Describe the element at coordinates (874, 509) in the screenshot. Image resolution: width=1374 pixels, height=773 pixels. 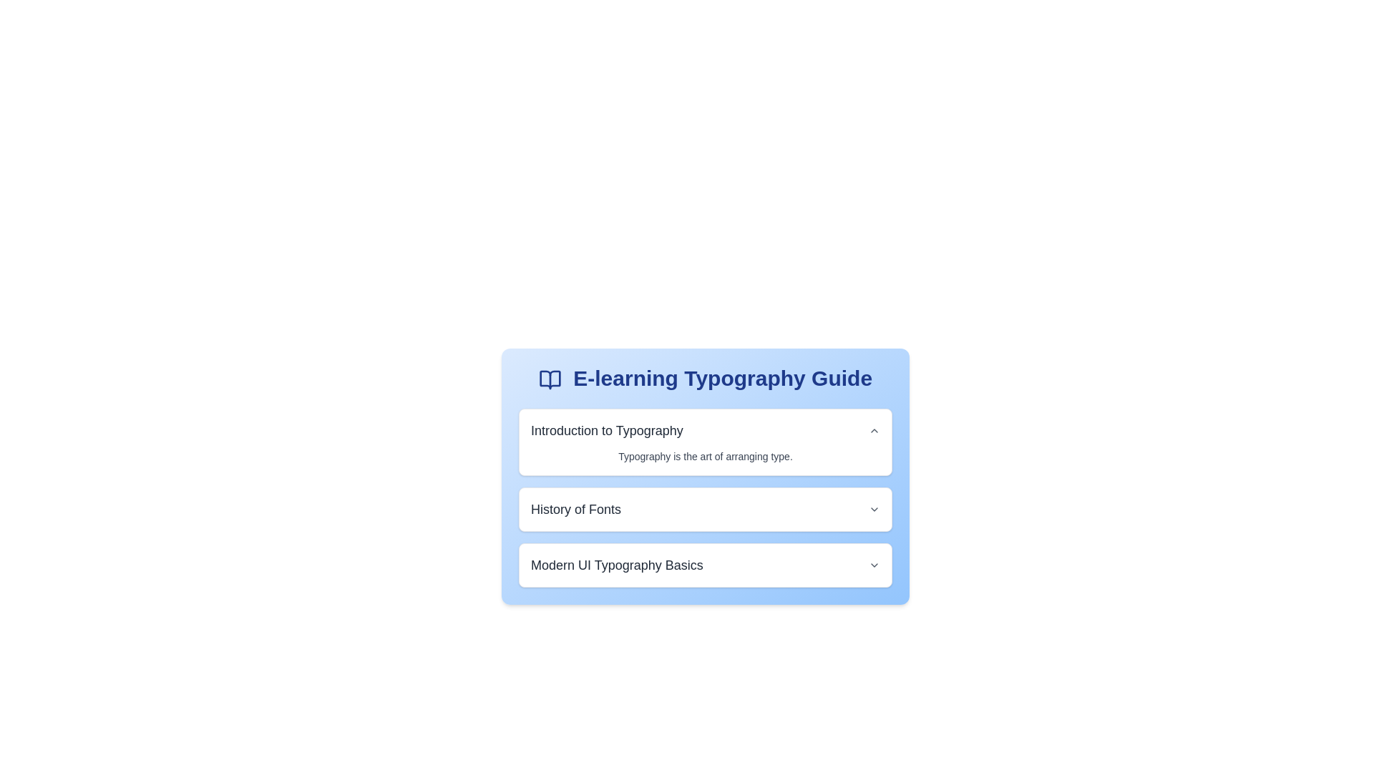
I see `the downward-pointing chevron icon button located in the 'History of Fonts' section` at that location.